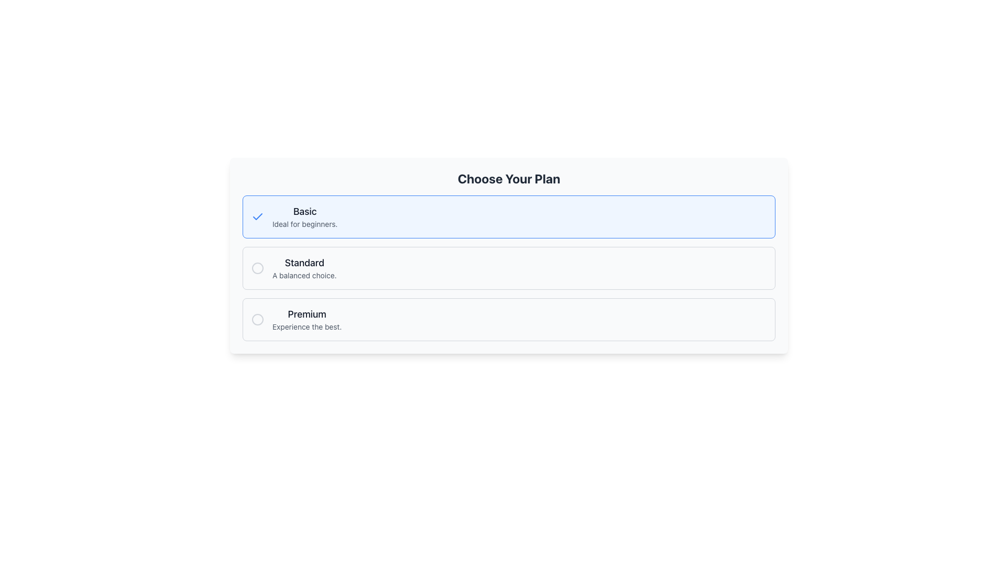 The width and height of the screenshot is (1006, 566). What do you see at coordinates (304, 268) in the screenshot?
I see `text of the 'Standard' Text Label element, which is the second choice in the selection options under the 'Choose Your Plan' heading` at bounding box center [304, 268].